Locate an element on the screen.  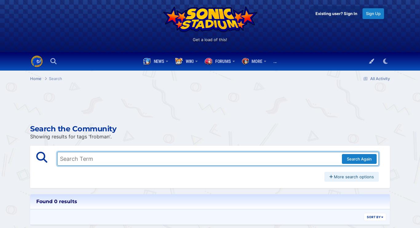
'Existing user? Sign In' is located at coordinates (336, 13).